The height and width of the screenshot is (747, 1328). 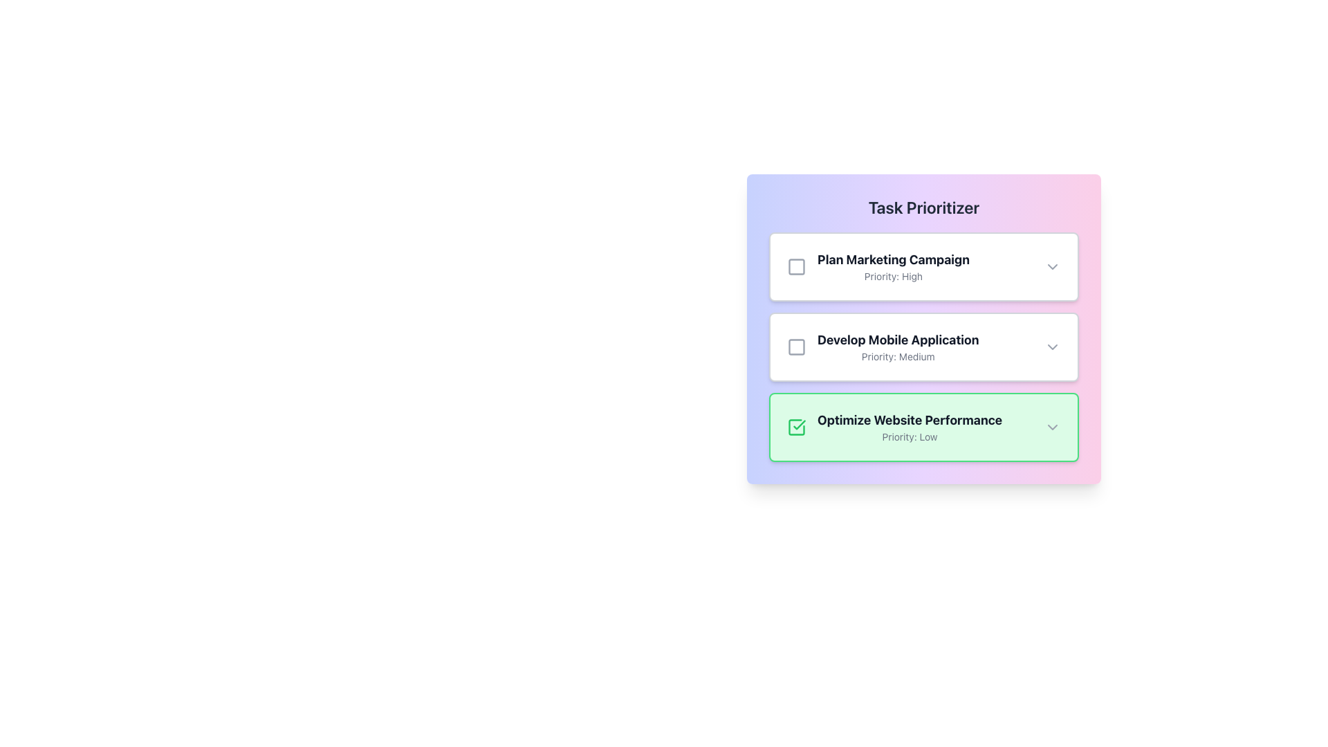 What do you see at coordinates (797, 266) in the screenshot?
I see `the checkbox-like indicator located inside the first list item box labeled 'Plan Marketing Campaign'` at bounding box center [797, 266].